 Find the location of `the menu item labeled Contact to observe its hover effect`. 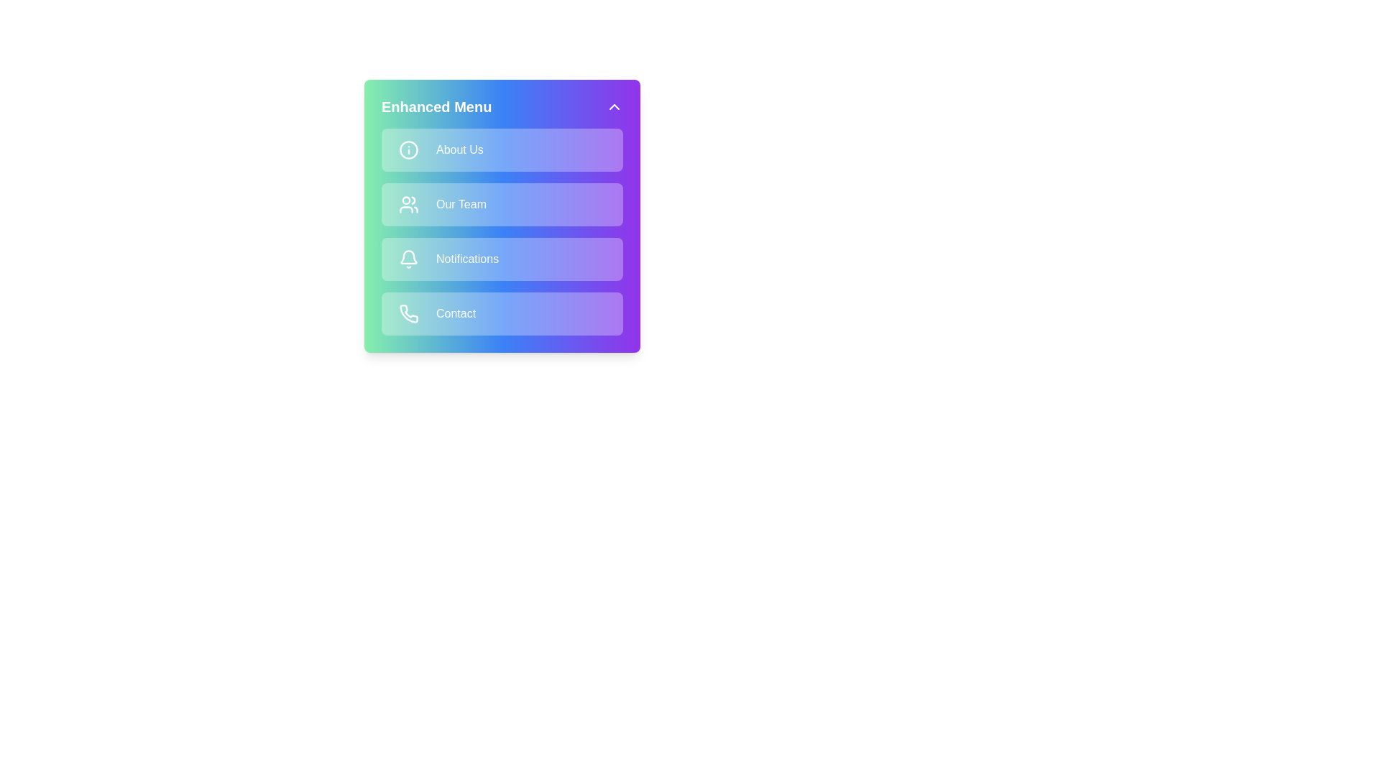

the menu item labeled Contact to observe its hover effect is located at coordinates (502, 313).